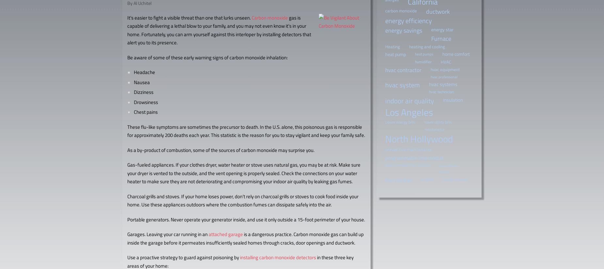 This screenshot has width=604, height=269. What do you see at coordinates (189, 17) in the screenshot?
I see `'It’s easier to fight a visible threat than one that lurks unseen.'` at bounding box center [189, 17].